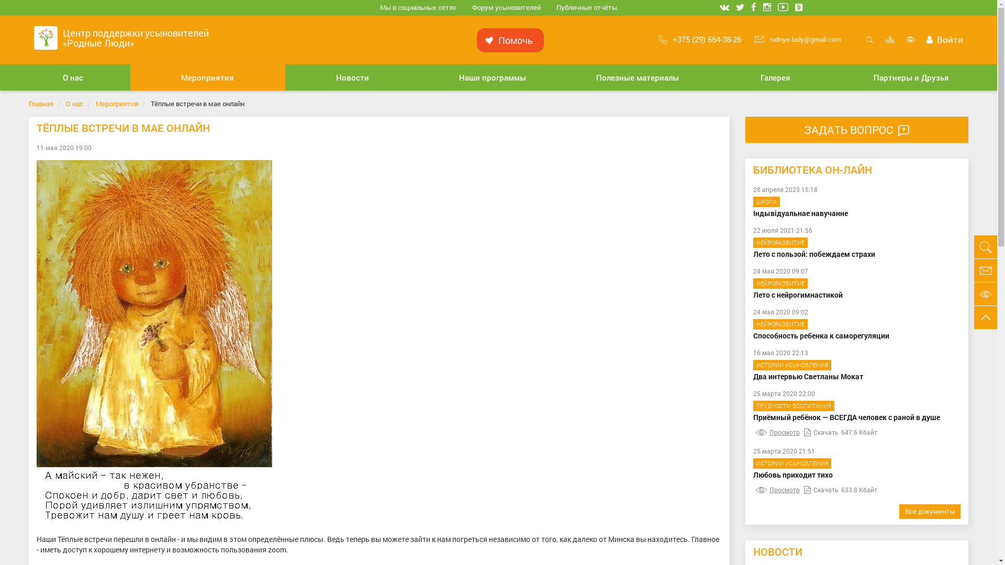 This screenshot has height=565, width=1005. What do you see at coordinates (797, 38) in the screenshot?
I see `'rodnye.ludy@gmail.com'` at bounding box center [797, 38].